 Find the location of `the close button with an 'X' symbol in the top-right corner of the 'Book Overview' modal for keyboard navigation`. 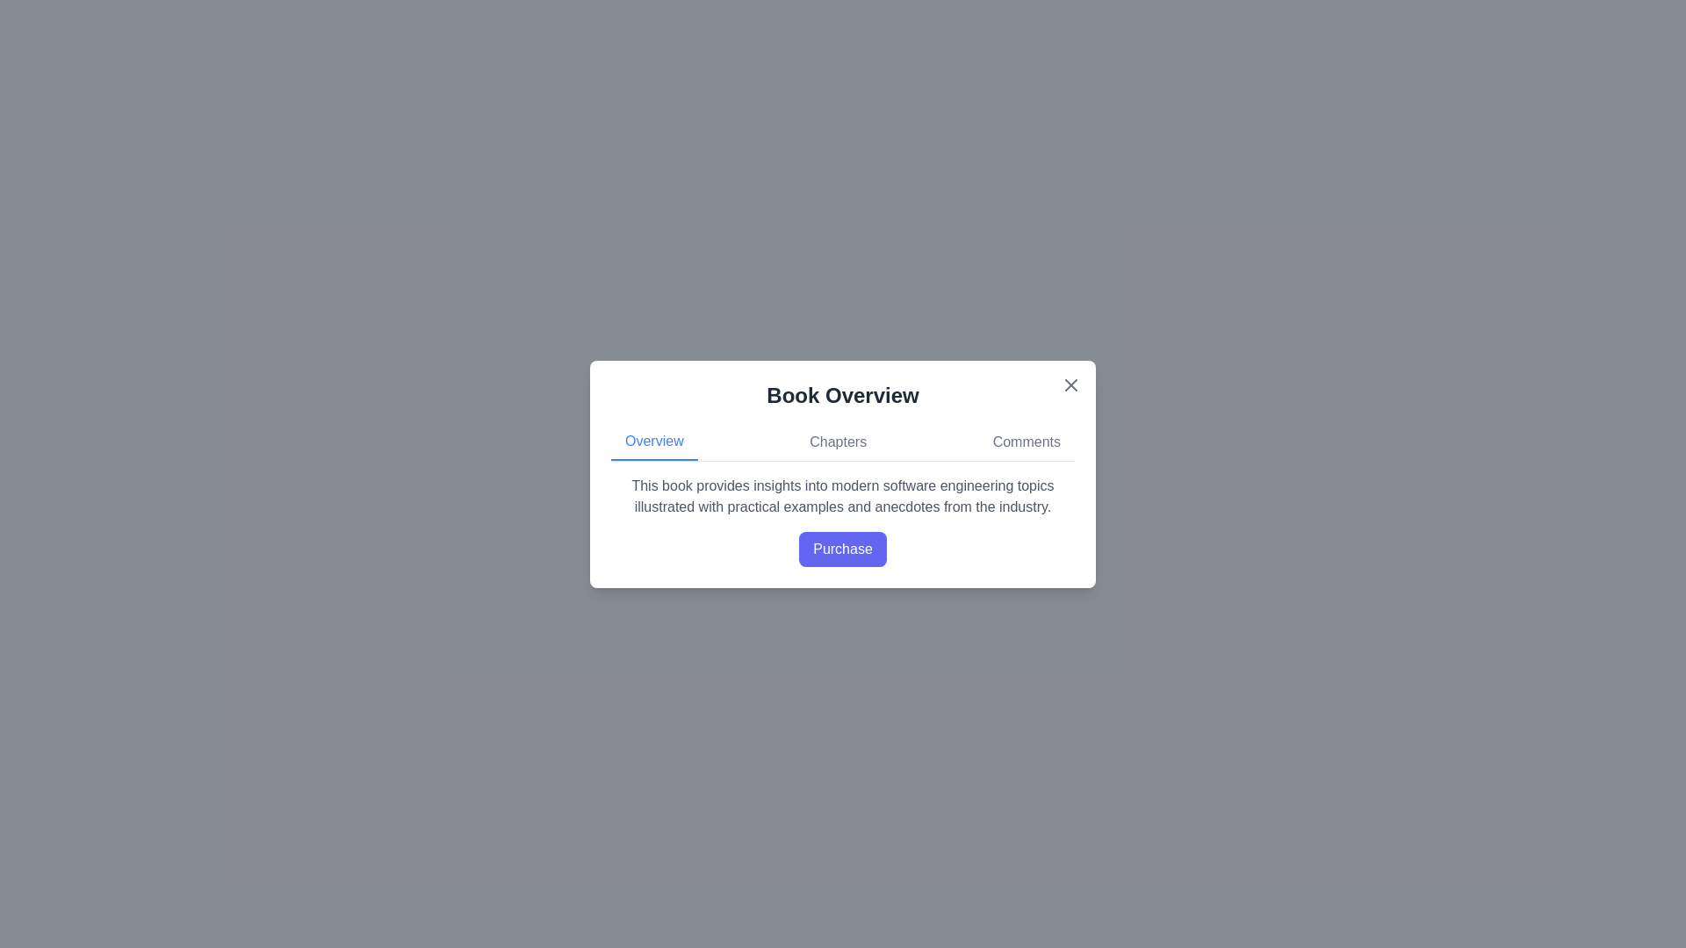

the close button with an 'X' symbol in the top-right corner of the 'Book Overview' modal for keyboard navigation is located at coordinates (1070, 384).